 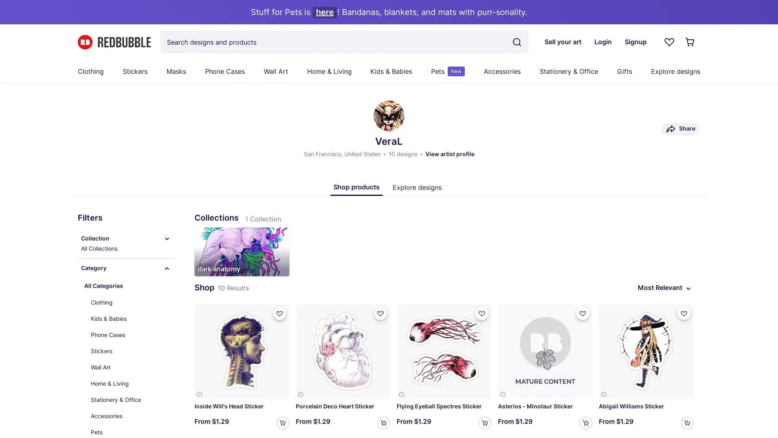 What do you see at coordinates (681, 128) in the screenshot?
I see `Share` at bounding box center [681, 128].